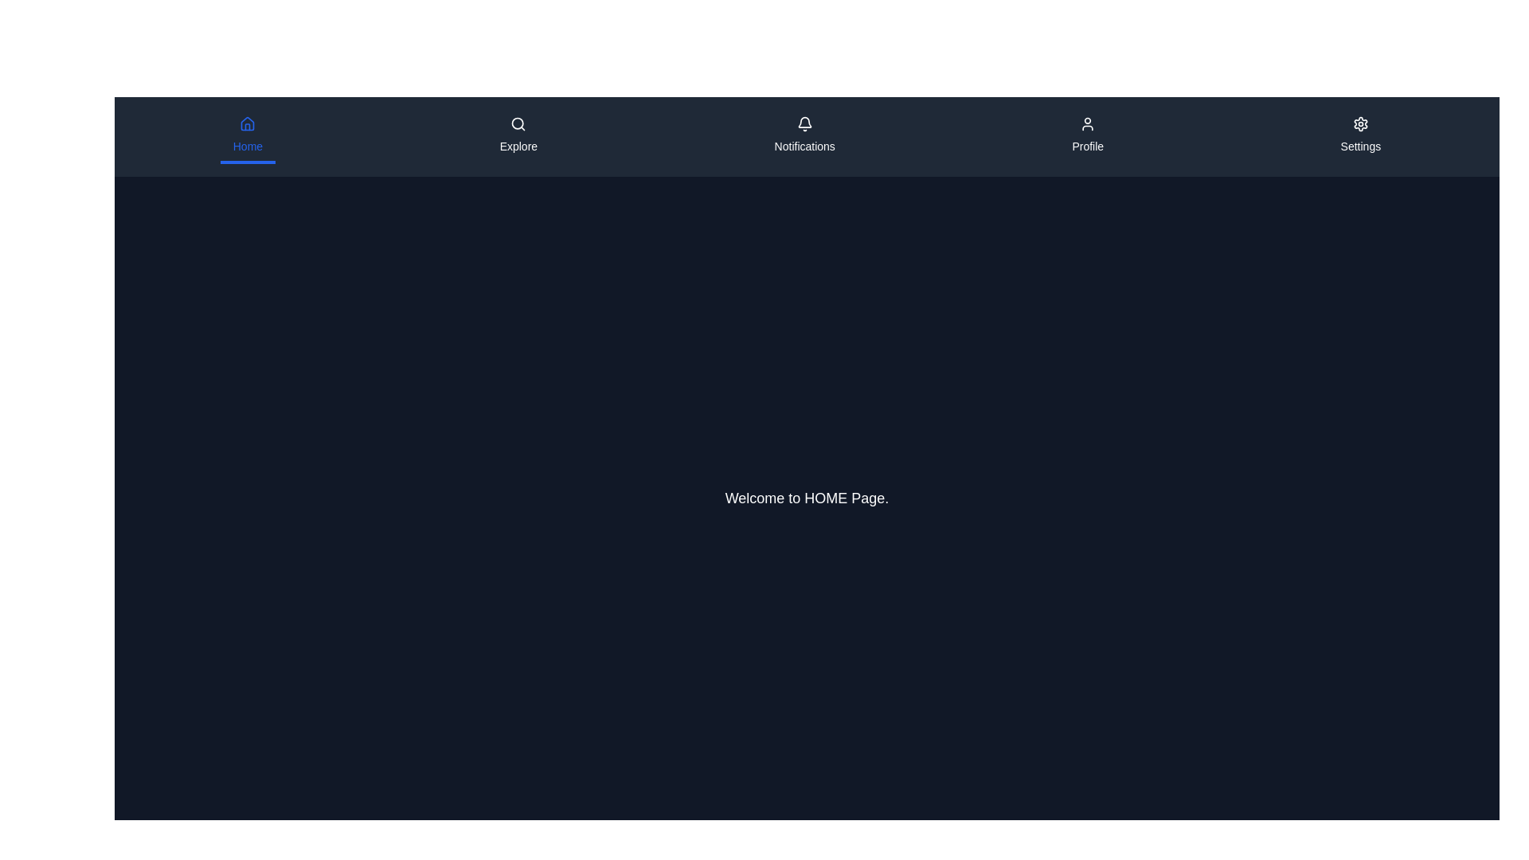 The width and height of the screenshot is (1529, 860). What do you see at coordinates (247, 123) in the screenshot?
I see `the 'Home' section icon, which is a house-shaped vector graphic located in the center of the top navigation bar` at bounding box center [247, 123].